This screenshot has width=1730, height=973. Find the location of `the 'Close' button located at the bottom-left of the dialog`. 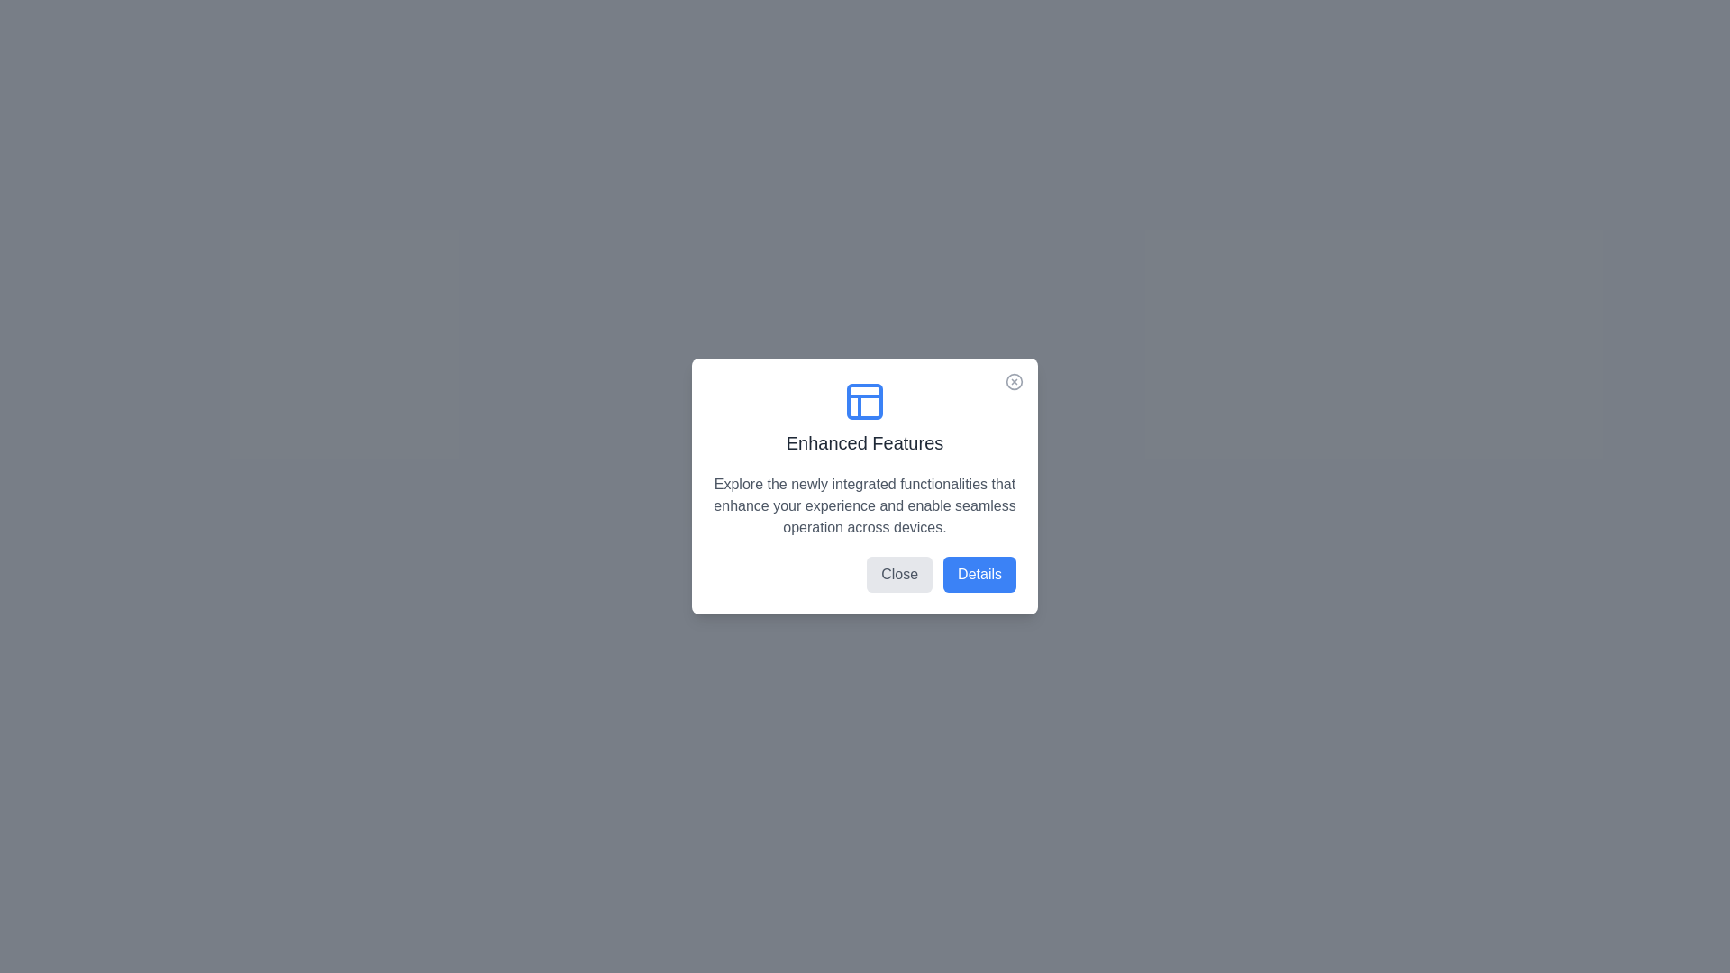

the 'Close' button located at the bottom-left of the dialog is located at coordinates (899, 574).